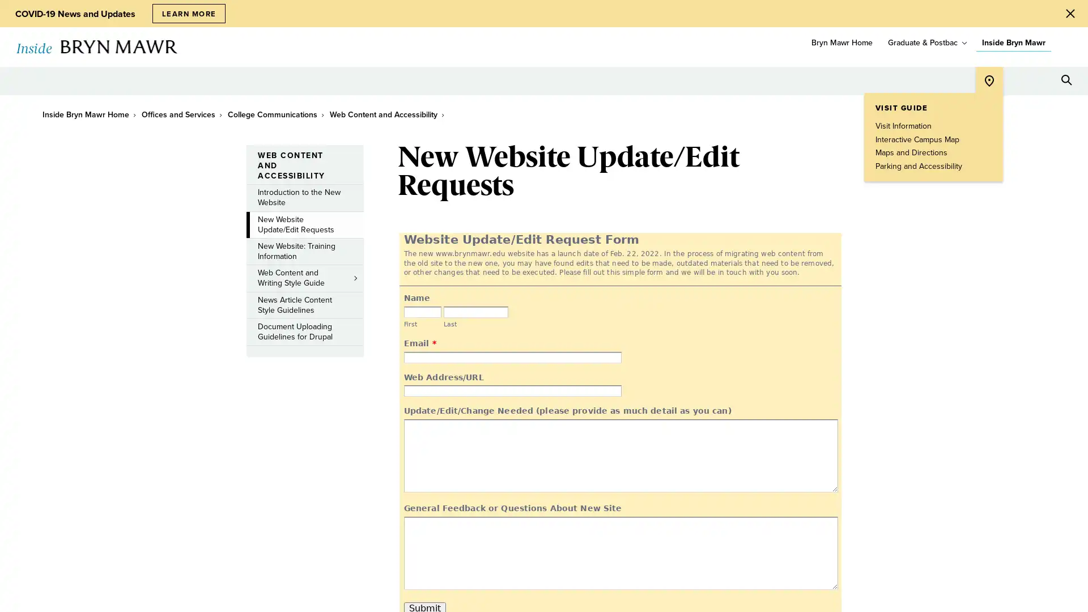 The image size is (1088, 612). I want to click on toggle submenu, so click(317, 74).